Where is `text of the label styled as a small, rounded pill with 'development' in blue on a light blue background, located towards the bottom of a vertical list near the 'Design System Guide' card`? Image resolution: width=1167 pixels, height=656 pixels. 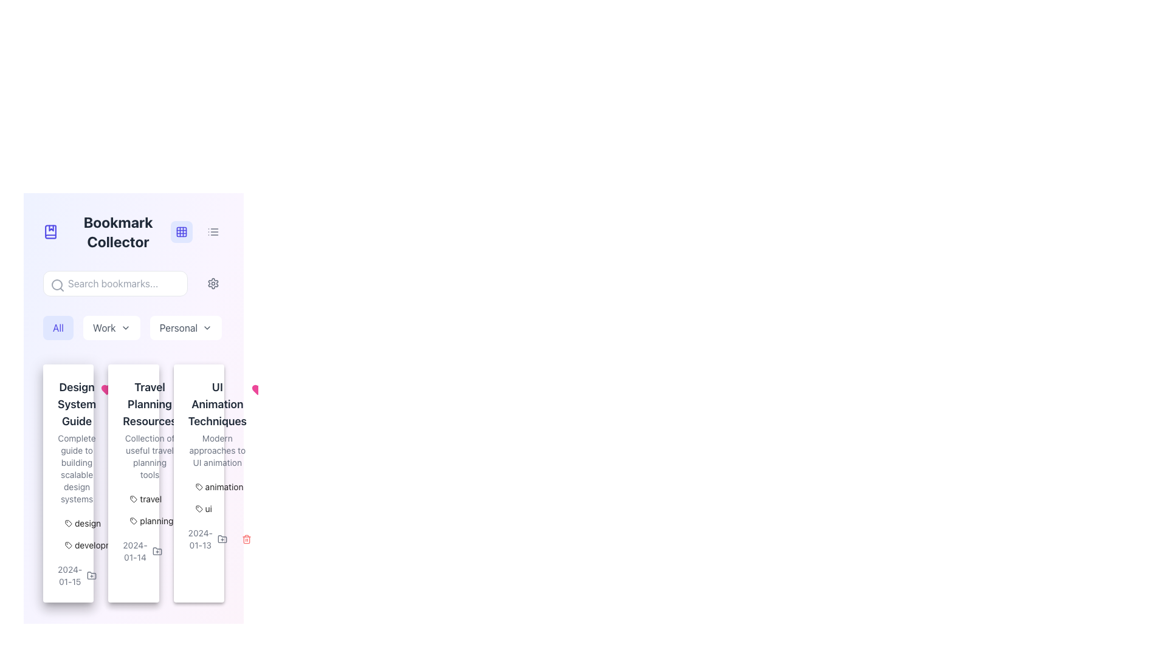
text of the label styled as a small, rounded pill with 'development' in blue on a light blue background, located towards the bottom of a vertical list near the 'Design System Guide' card is located at coordinates (95, 545).